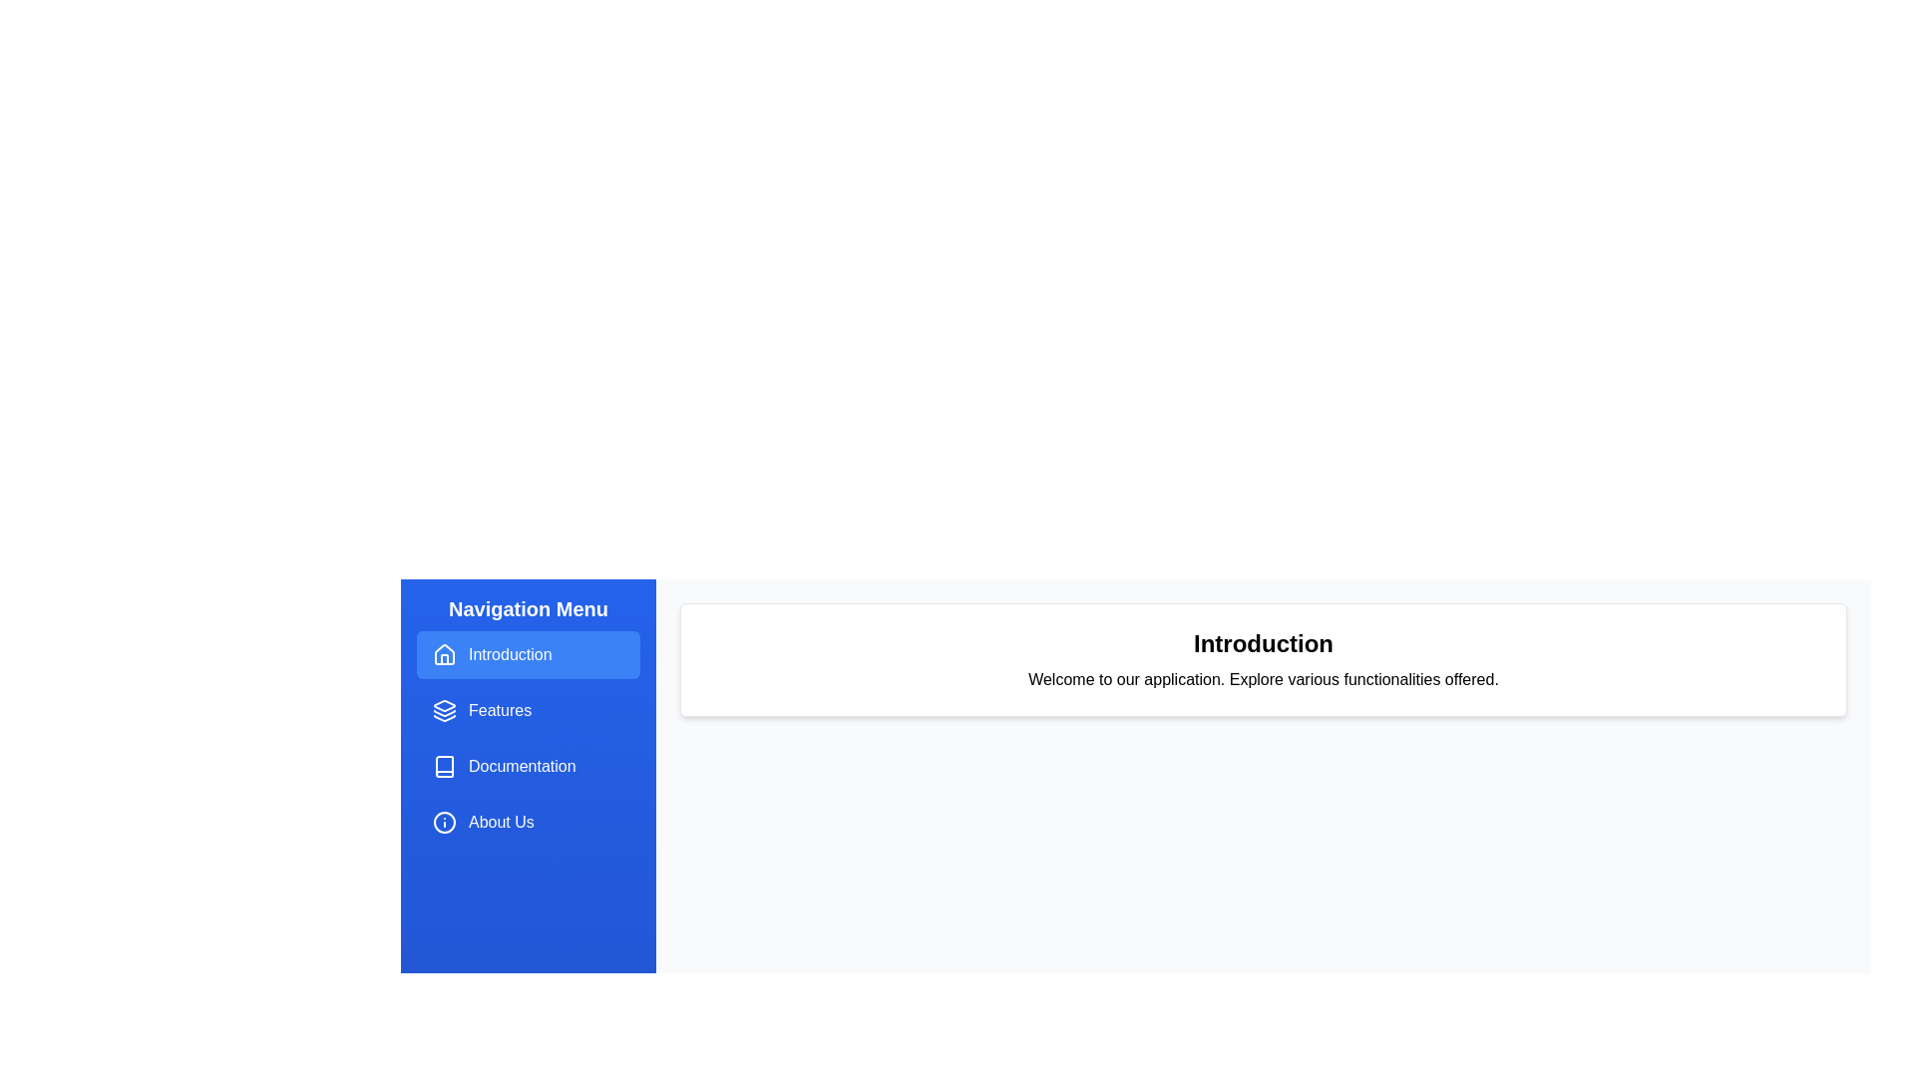 Image resolution: width=1915 pixels, height=1077 pixels. What do you see at coordinates (528, 710) in the screenshot?
I see `the 'Features' menu item in the navigation sidebar` at bounding box center [528, 710].